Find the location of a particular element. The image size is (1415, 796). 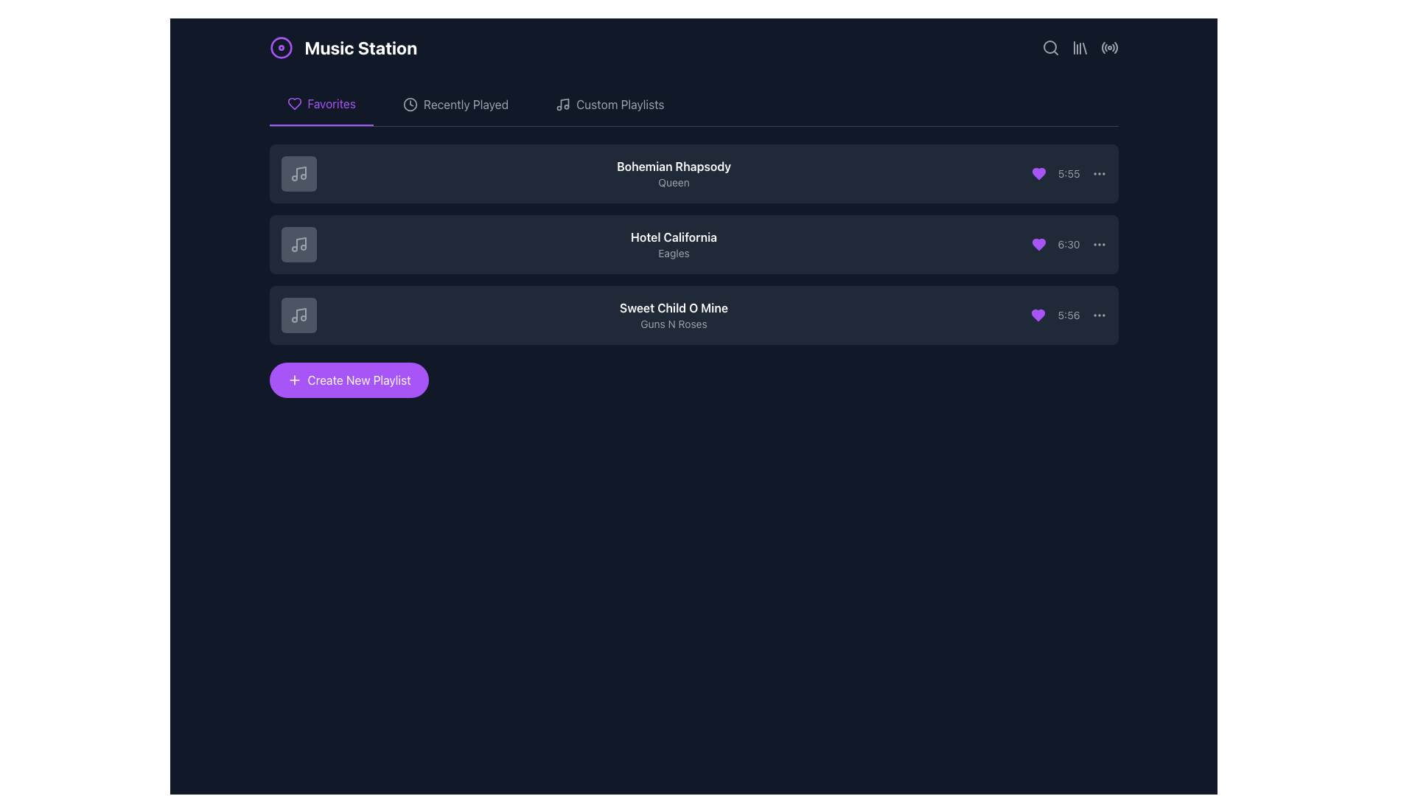

the text label indicating the duration of the song 'Hotel California' by the Eagles, positioned between a purple heart icon and three dots is located at coordinates (1069, 243).